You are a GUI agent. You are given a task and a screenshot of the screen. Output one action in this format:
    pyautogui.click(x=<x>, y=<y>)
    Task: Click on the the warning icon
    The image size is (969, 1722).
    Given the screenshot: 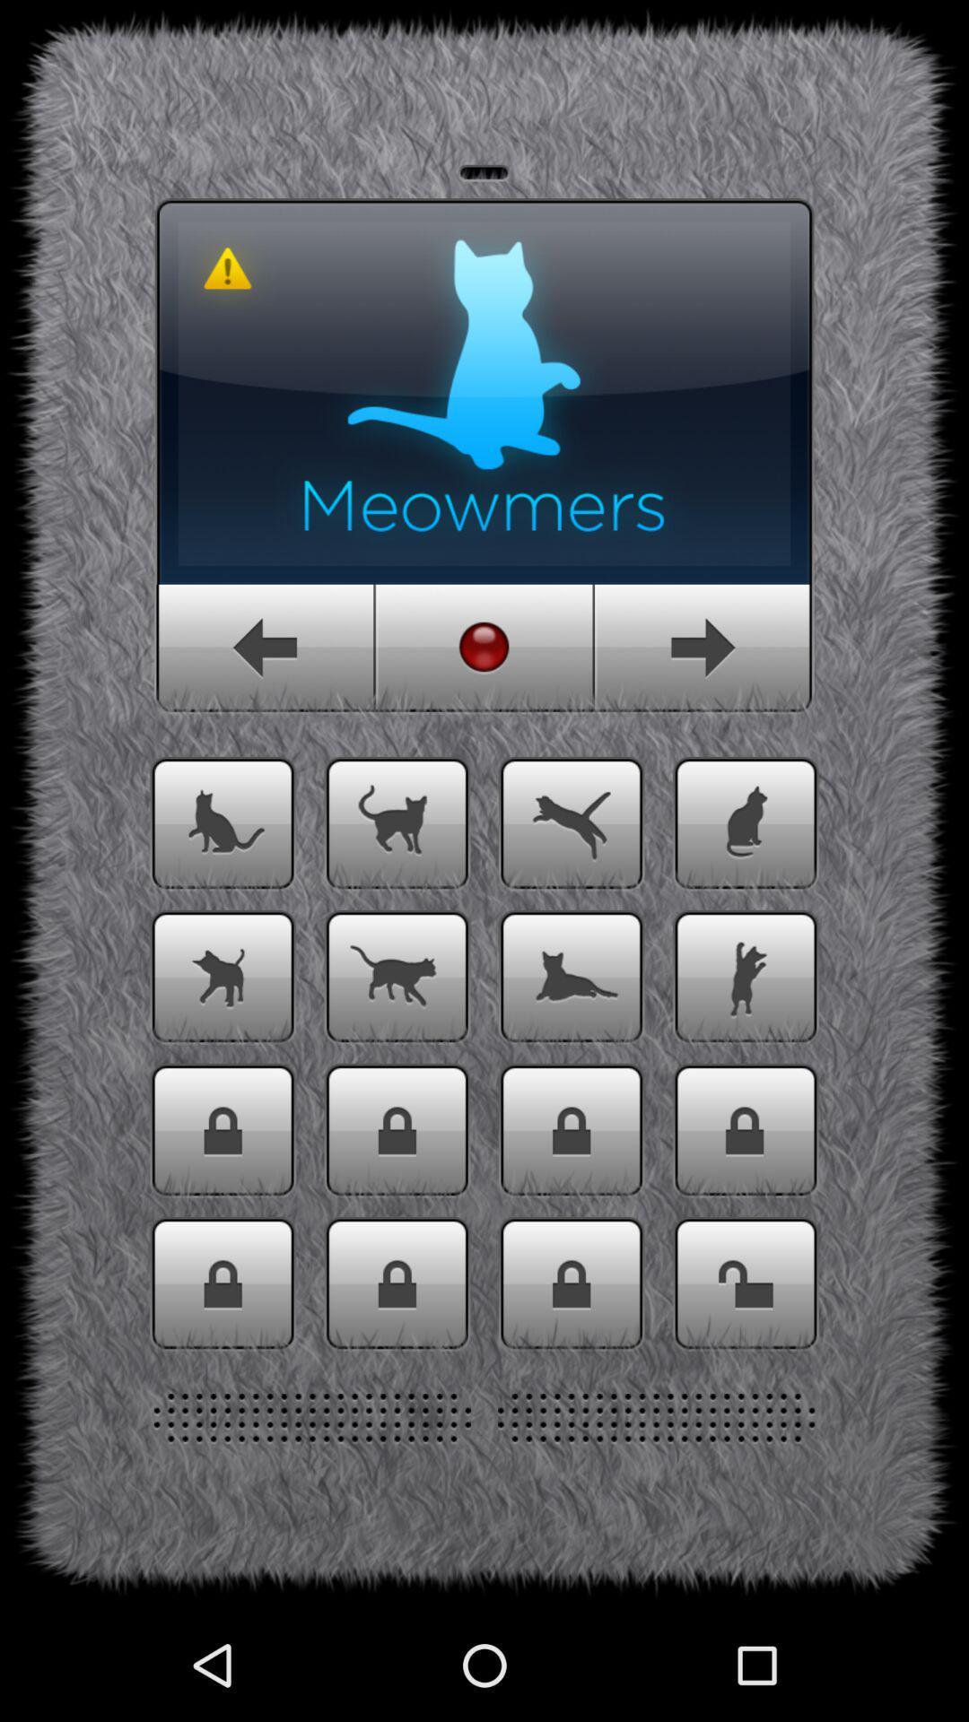 What is the action you would take?
    pyautogui.click(x=226, y=290)
    